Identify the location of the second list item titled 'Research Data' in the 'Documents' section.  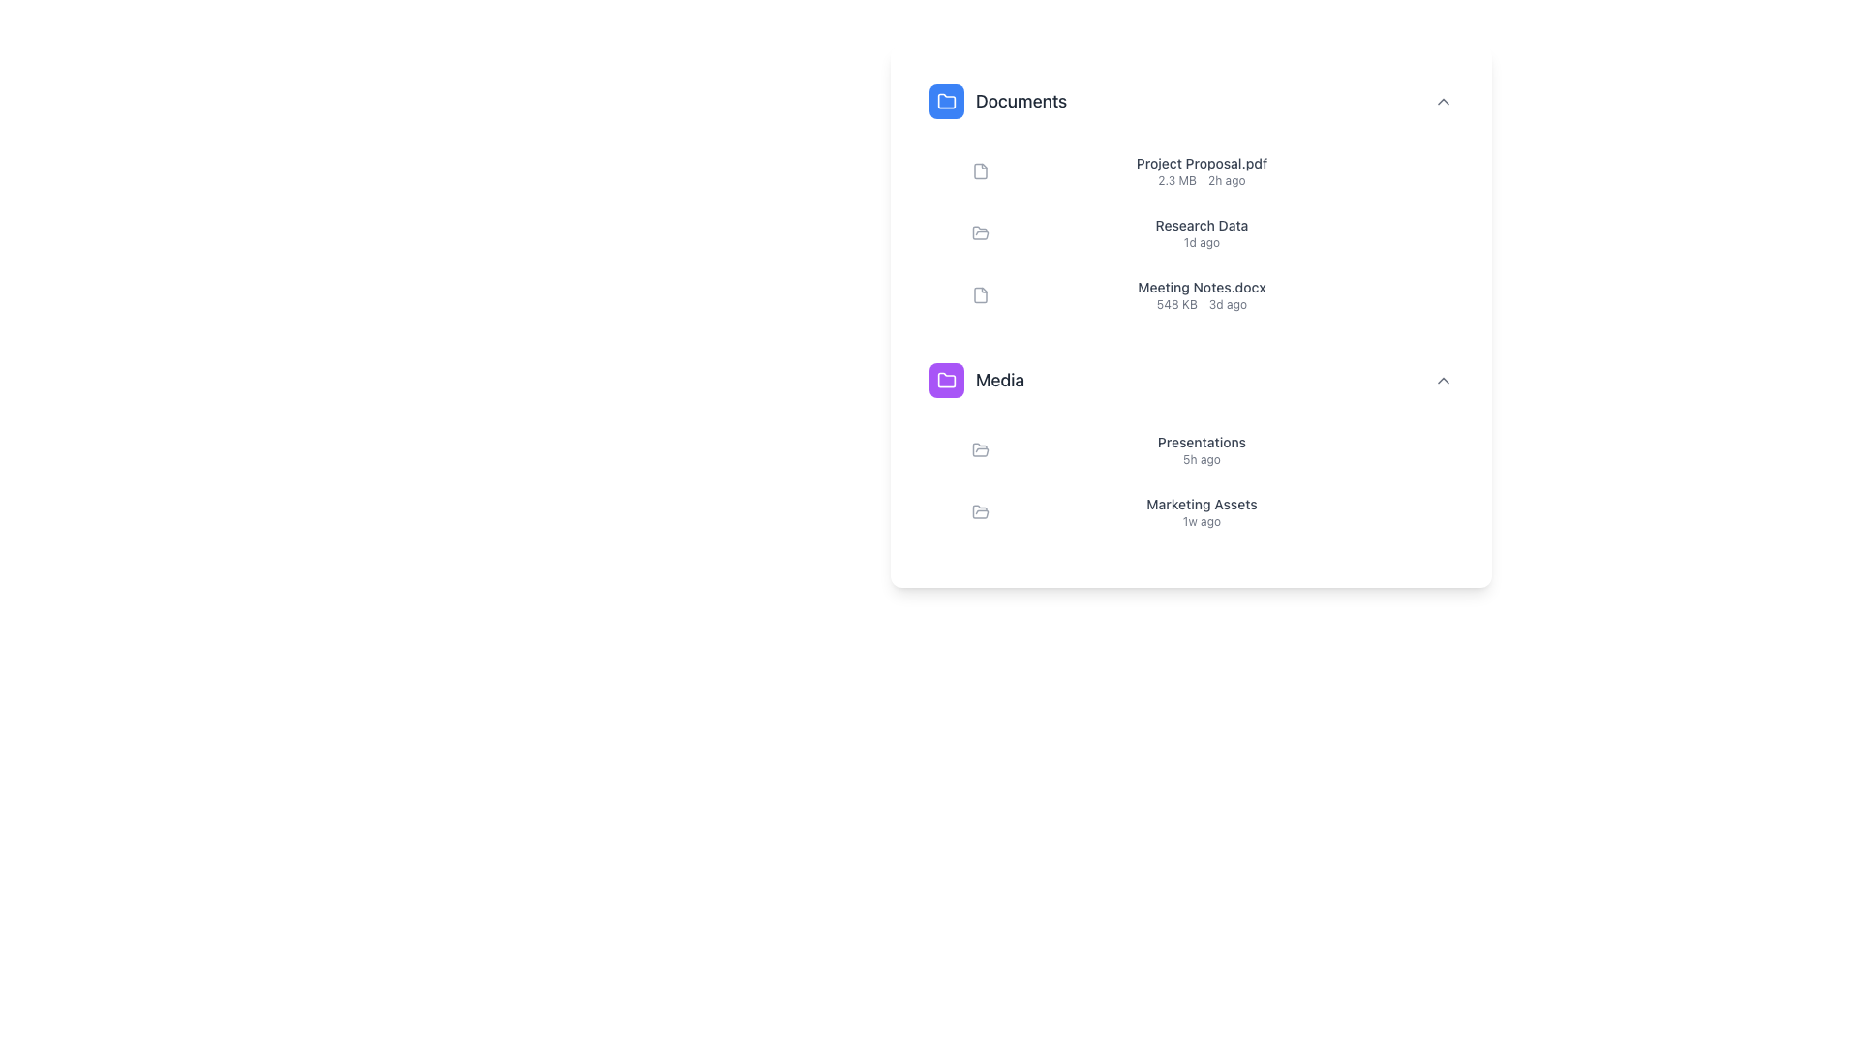
(1190, 197).